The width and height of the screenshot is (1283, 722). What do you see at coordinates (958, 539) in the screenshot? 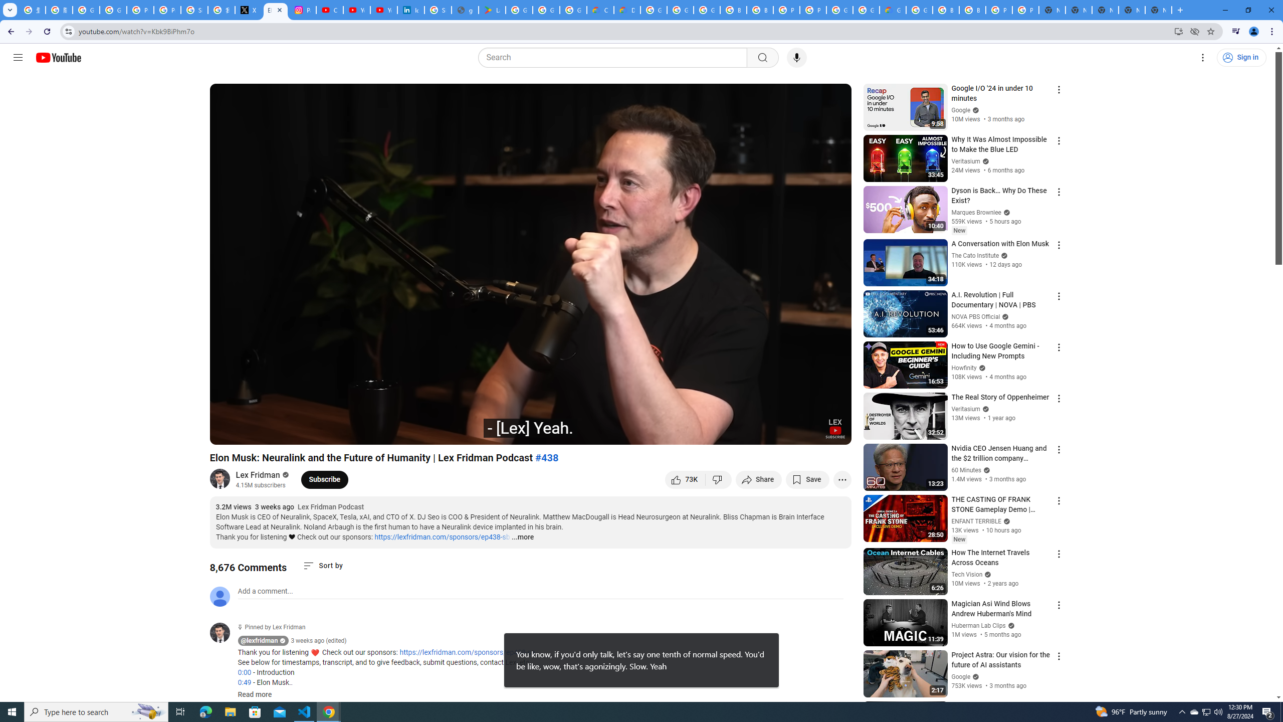
I see `'New'` at bounding box center [958, 539].